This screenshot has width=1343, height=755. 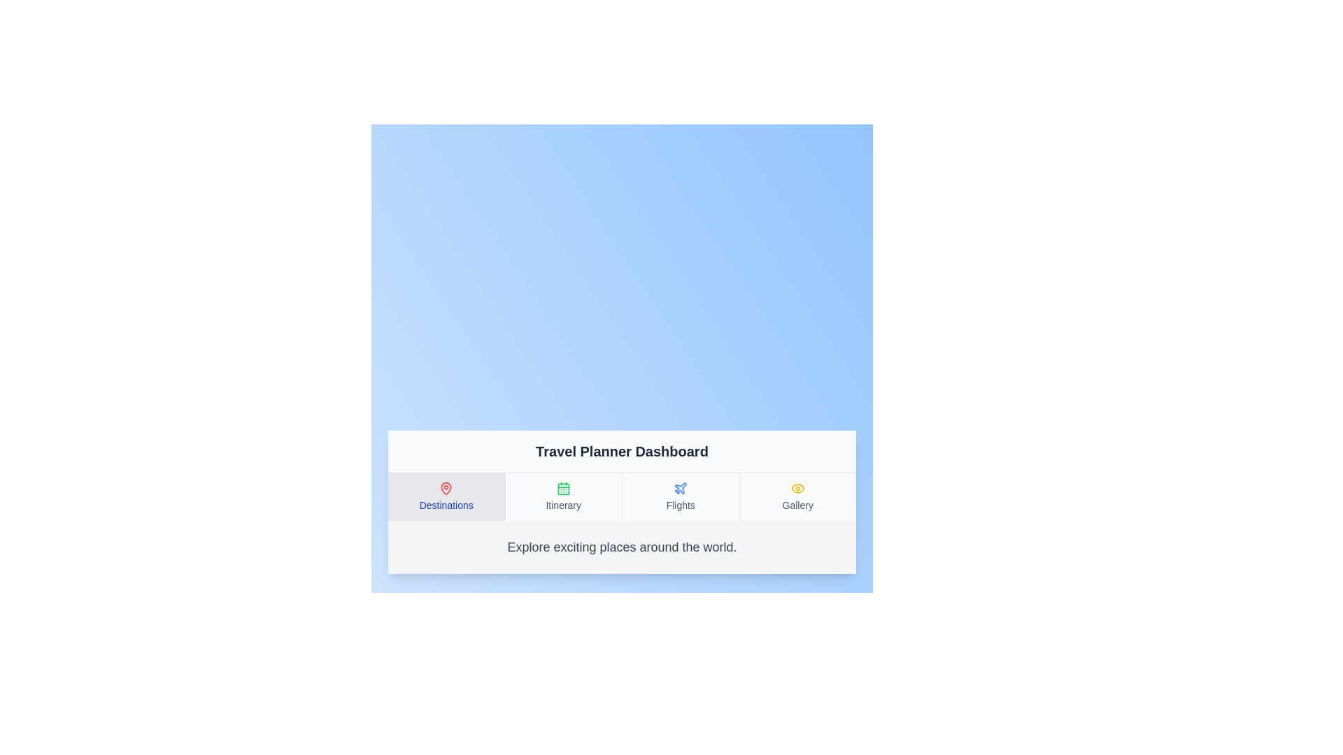 What do you see at coordinates (446, 487) in the screenshot?
I see `the map pin icon located in the first column of the horizontal navigation row under the title 'Travel Planner Dashboard'` at bounding box center [446, 487].